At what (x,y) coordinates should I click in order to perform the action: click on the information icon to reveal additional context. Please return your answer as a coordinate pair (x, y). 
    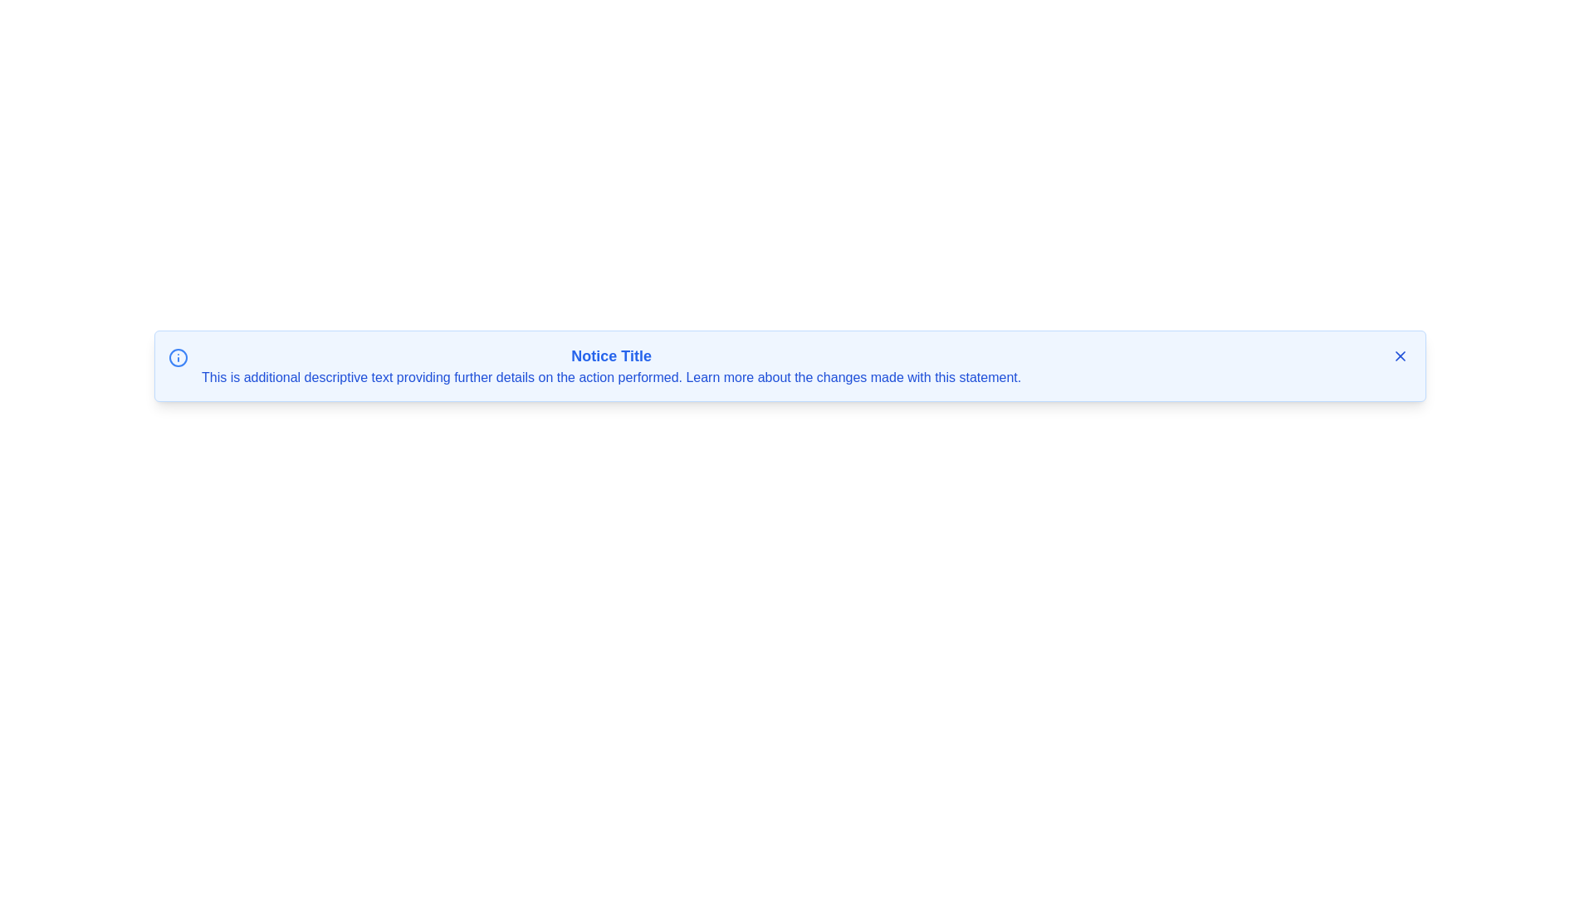
    Looking at the image, I should click on (178, 357).